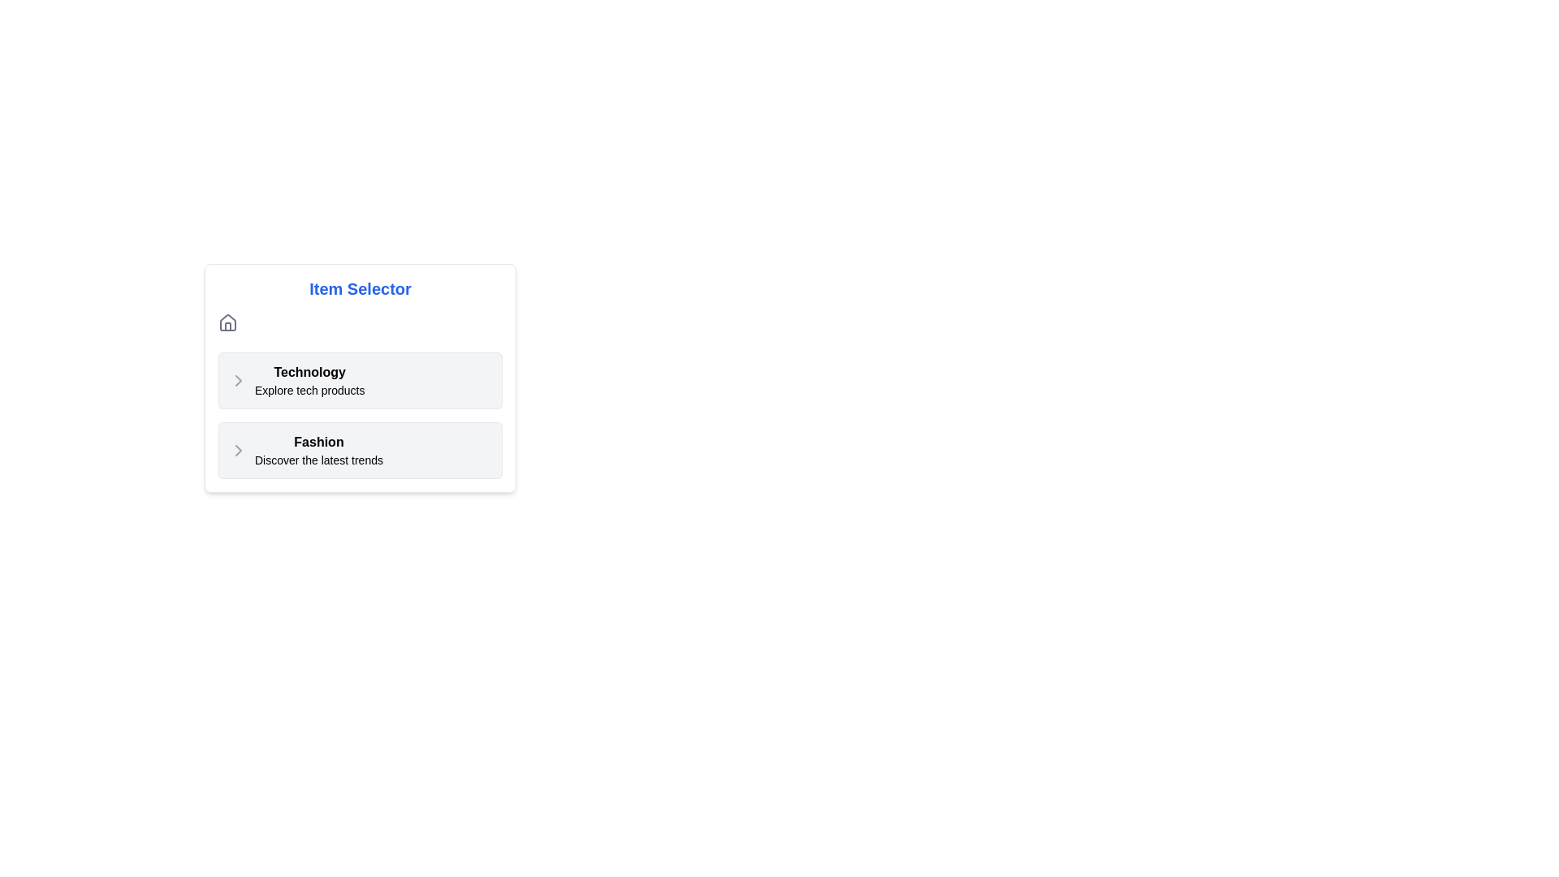  Describe the element at coordinates (309, 391) in the screenshot. I see `the text label displaying 'Explore tech products', which is located below the 'Technology' header in a grey rectangular area` at that location.